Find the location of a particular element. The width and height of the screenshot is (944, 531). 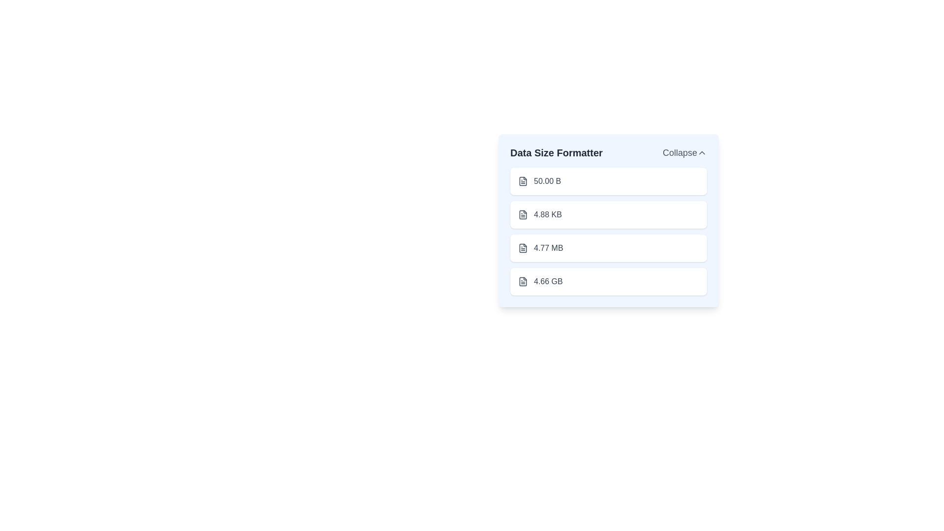

the toggle button located in the upper-right corner of the module is located at coordinates (702, 153).